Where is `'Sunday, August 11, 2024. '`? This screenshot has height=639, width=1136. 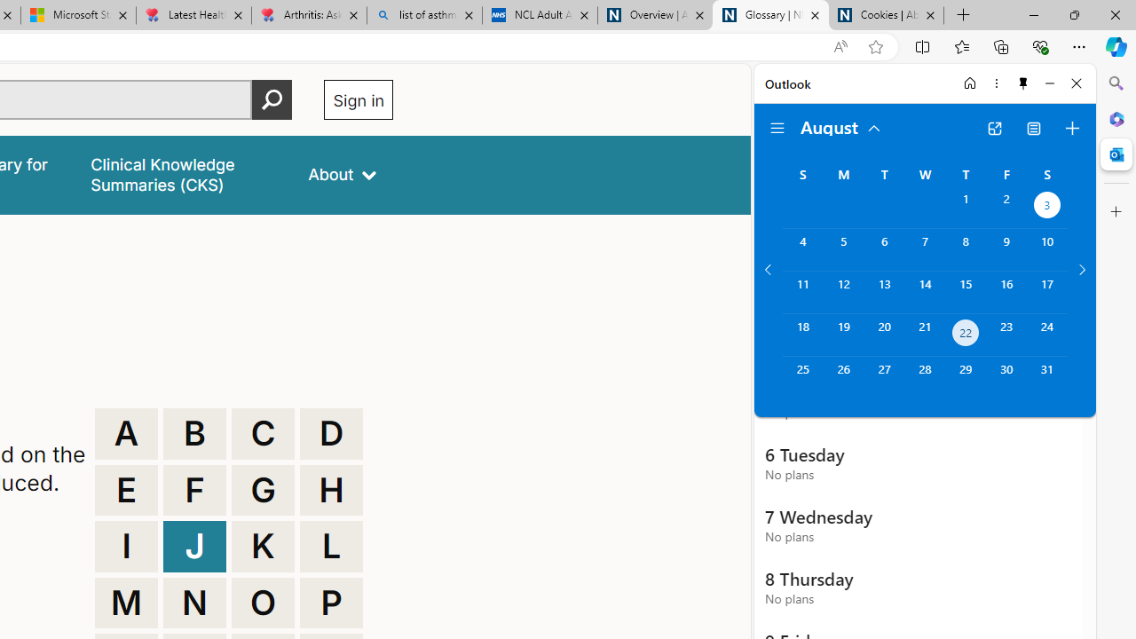 'Sunday, August 11, 2024. ' is located at coordinates (801, 291).